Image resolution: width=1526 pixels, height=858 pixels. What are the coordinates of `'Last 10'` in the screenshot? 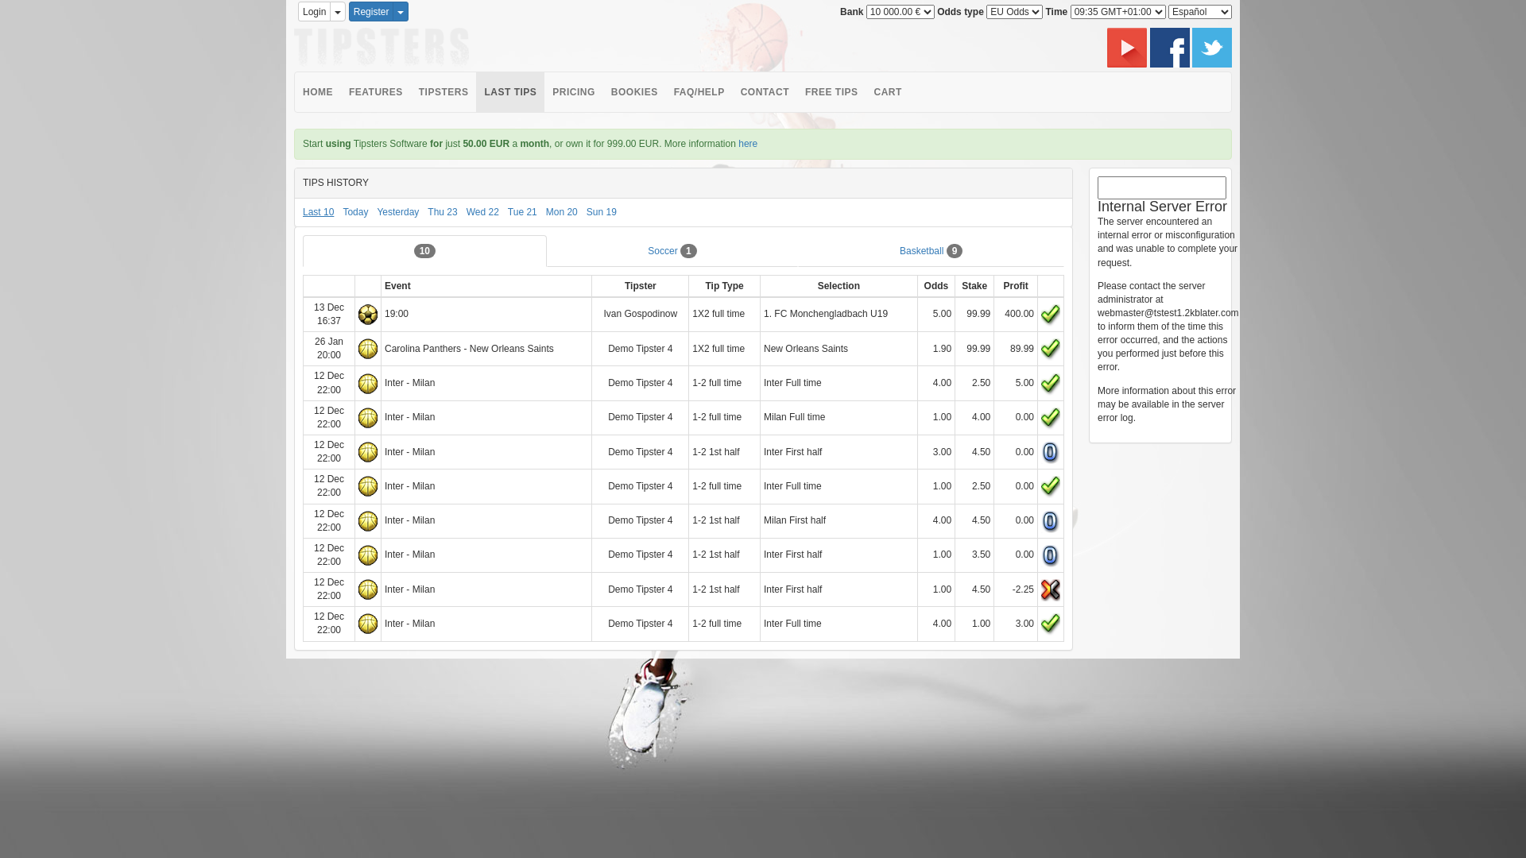 It's located at (318, 211).